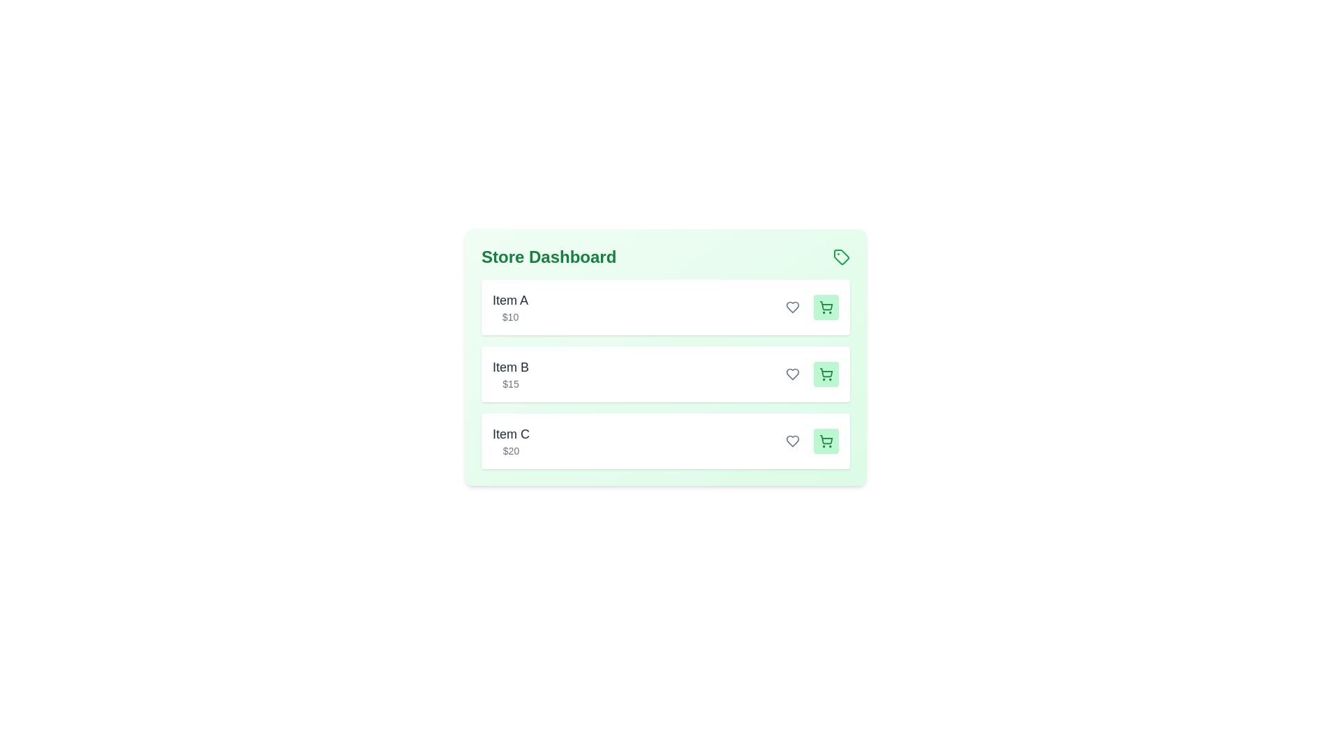 Image resolution: width=1340 pixels, height=753 pixels. Describe the element at coordinates (826, 373) in the screenshot. I see `the green shopping cart icon located inside the rounded green button to the right of the 'Item B' entry in the second row of the vertical list of items` at that location.